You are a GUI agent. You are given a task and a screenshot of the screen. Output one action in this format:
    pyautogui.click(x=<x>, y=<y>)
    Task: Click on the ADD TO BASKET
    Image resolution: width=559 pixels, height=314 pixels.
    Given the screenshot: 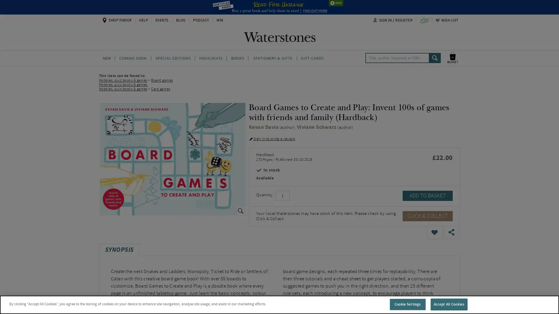 What is the action you would take?
    pyautogui.click(x=427, y=195)
    